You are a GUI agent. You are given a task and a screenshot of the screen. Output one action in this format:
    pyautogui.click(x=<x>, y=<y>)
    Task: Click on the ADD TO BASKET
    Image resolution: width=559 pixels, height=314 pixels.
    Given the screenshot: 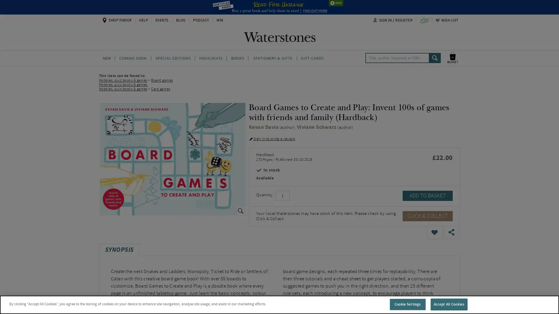 What is the action you would take?
    pyautogui.click(x=427, y=195)
    